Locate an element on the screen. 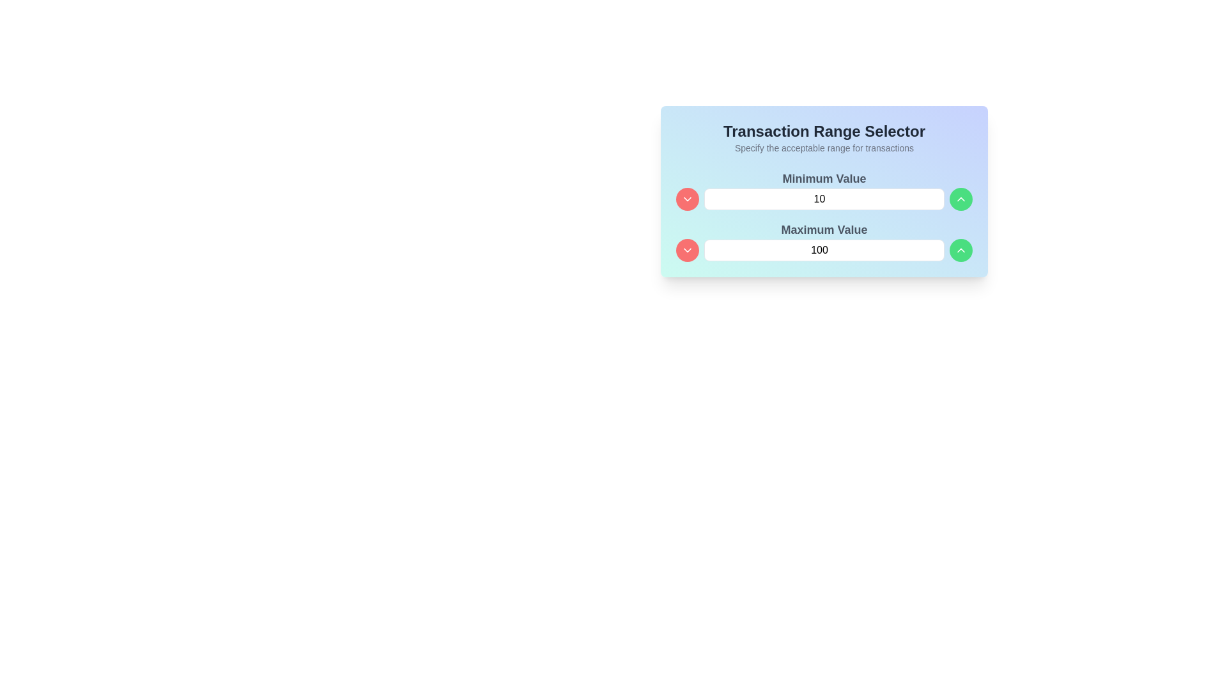 The height and width of the screenshot is (690, 1227). the upward chevron icon within the circular button below the 'Maximum Value' field to interact is located at coordinates (961, 199).